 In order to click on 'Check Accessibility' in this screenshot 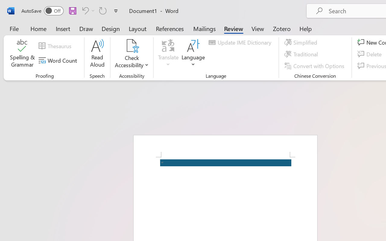, I will do `click(131, 54)`.